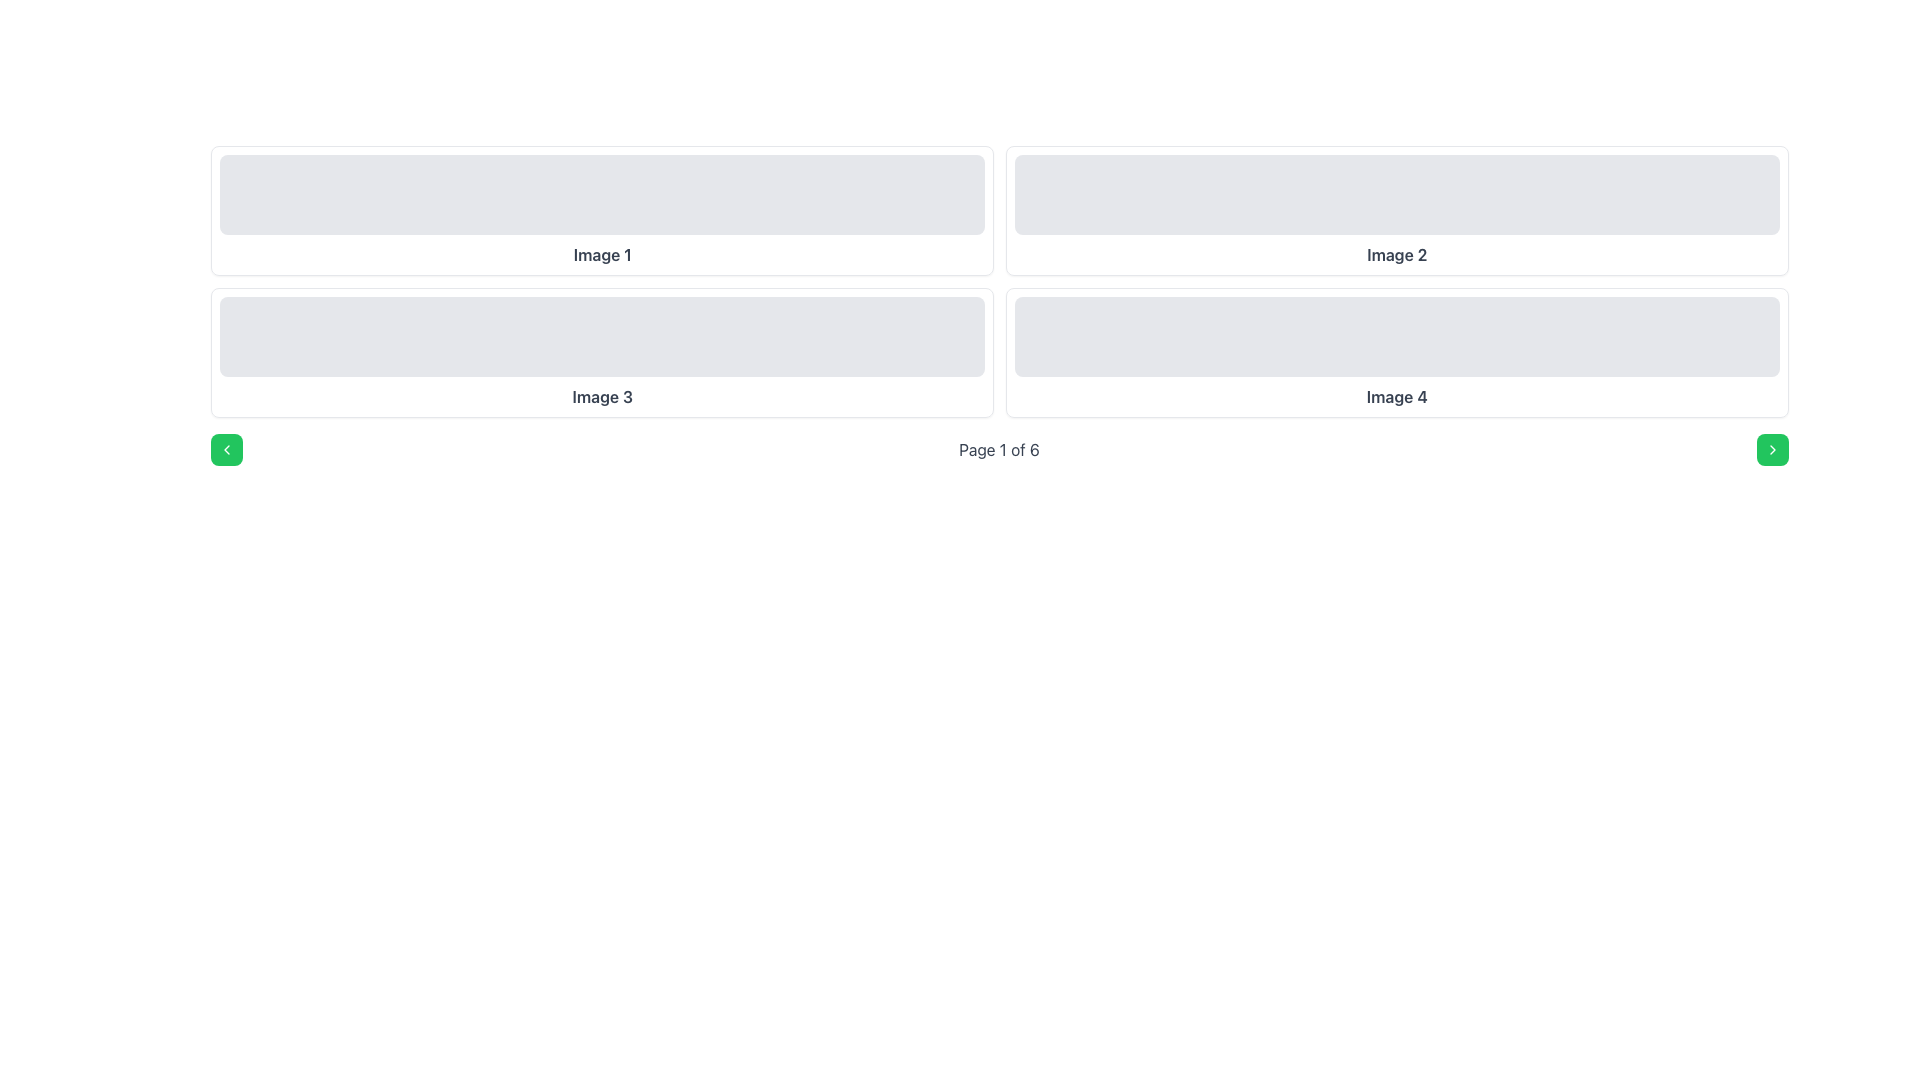 The height and width of the screenshot is (1079, 1919). I want to click on the Text Label displaying 'Page 1 of 6' styled in gray font, located at the bottom center of the visible section, so click(999, 450).